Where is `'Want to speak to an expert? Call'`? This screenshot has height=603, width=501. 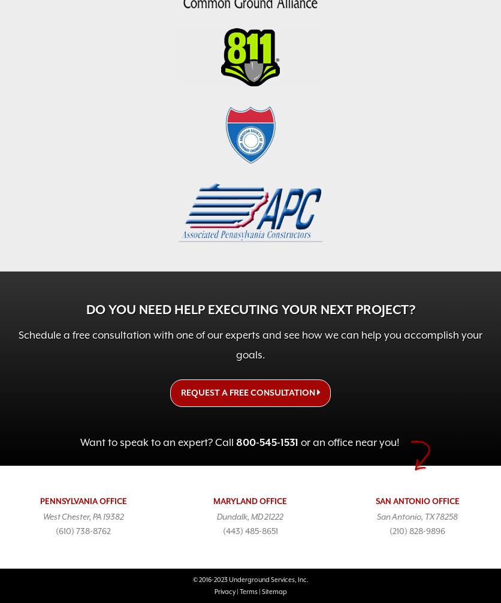 'Want to speak to an expert? Call' is located at coordinates (158, 441).